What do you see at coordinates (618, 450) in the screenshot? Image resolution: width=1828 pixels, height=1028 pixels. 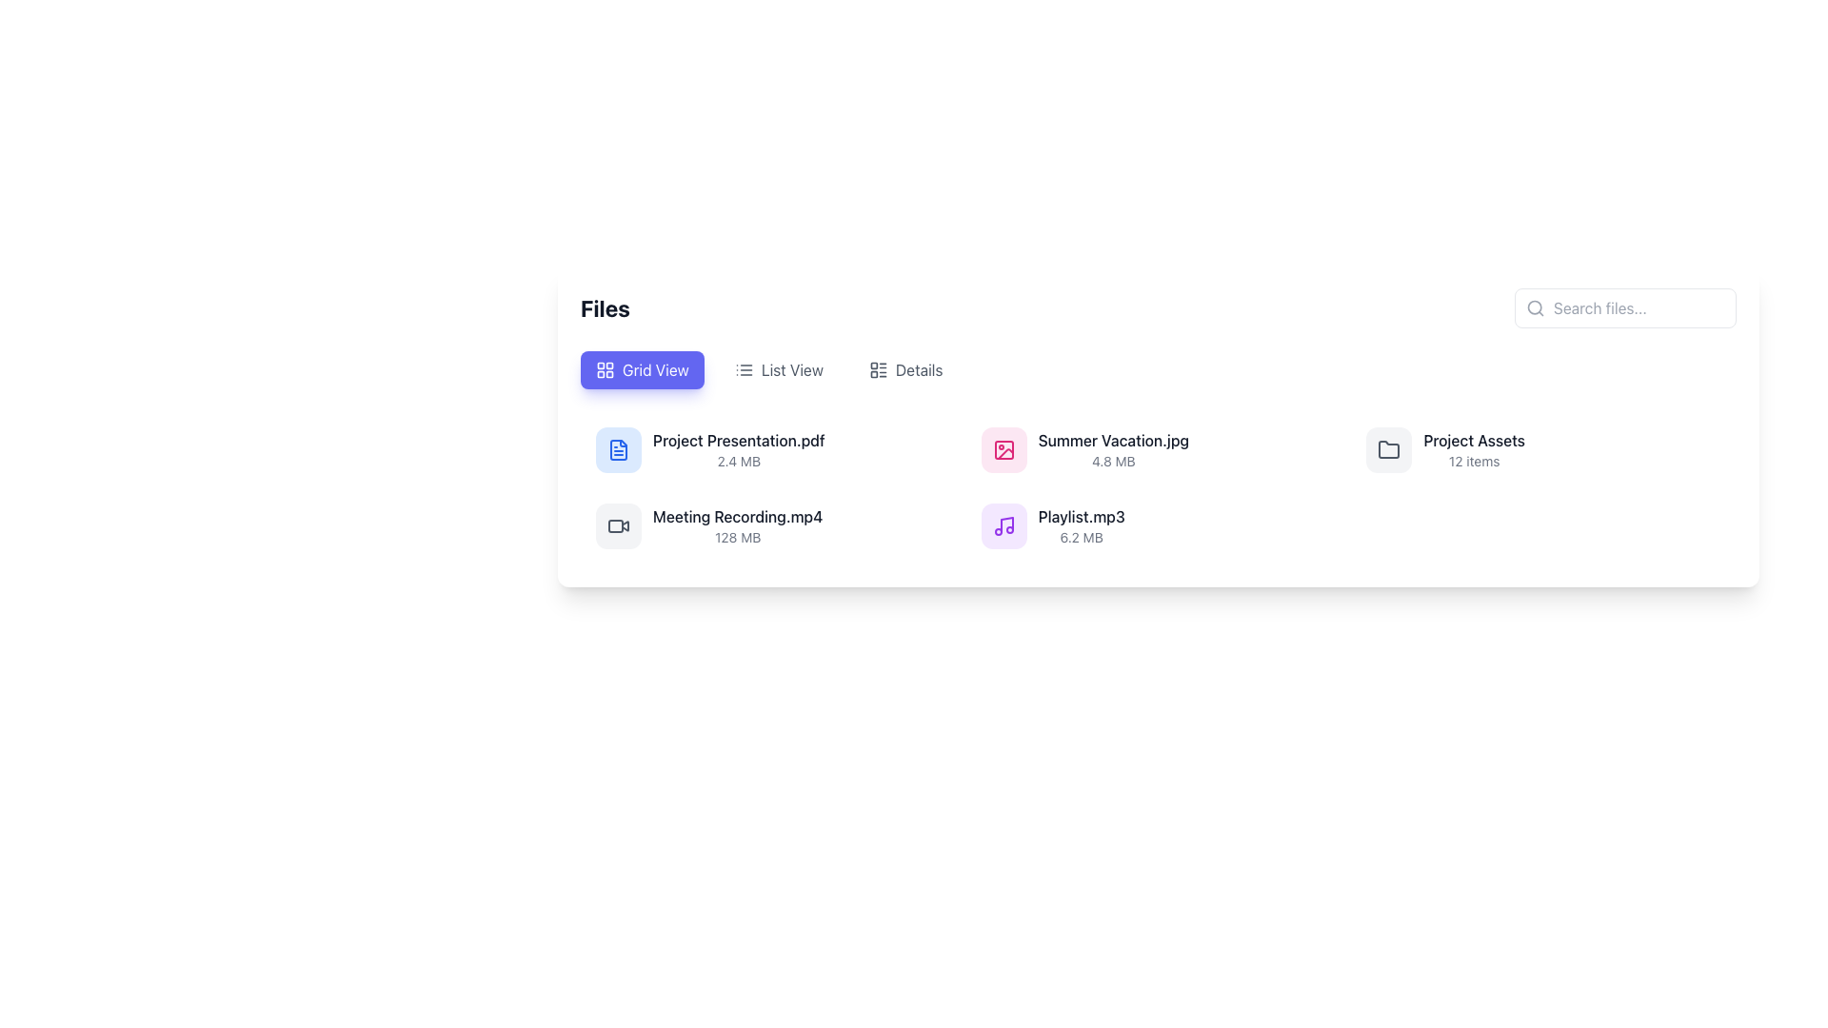 I see `the icon representing the file labeled 'Project Presentation.pdf'` at bounding box center [618, 450].